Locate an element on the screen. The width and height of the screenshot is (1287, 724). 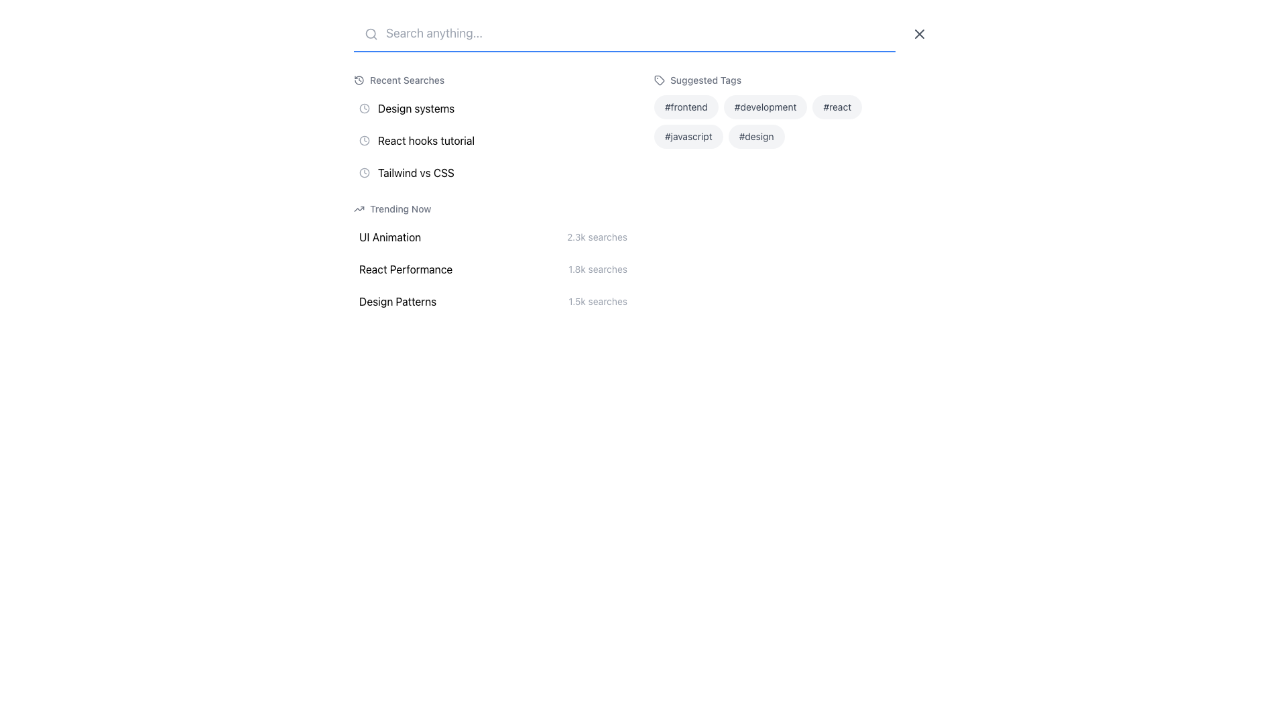
the circular graphic element with a stroke outline located within the clock icon in the 'Recent Searches' section, which is to the left of the text 'Design systems.' is located at coordinates (364, 140).